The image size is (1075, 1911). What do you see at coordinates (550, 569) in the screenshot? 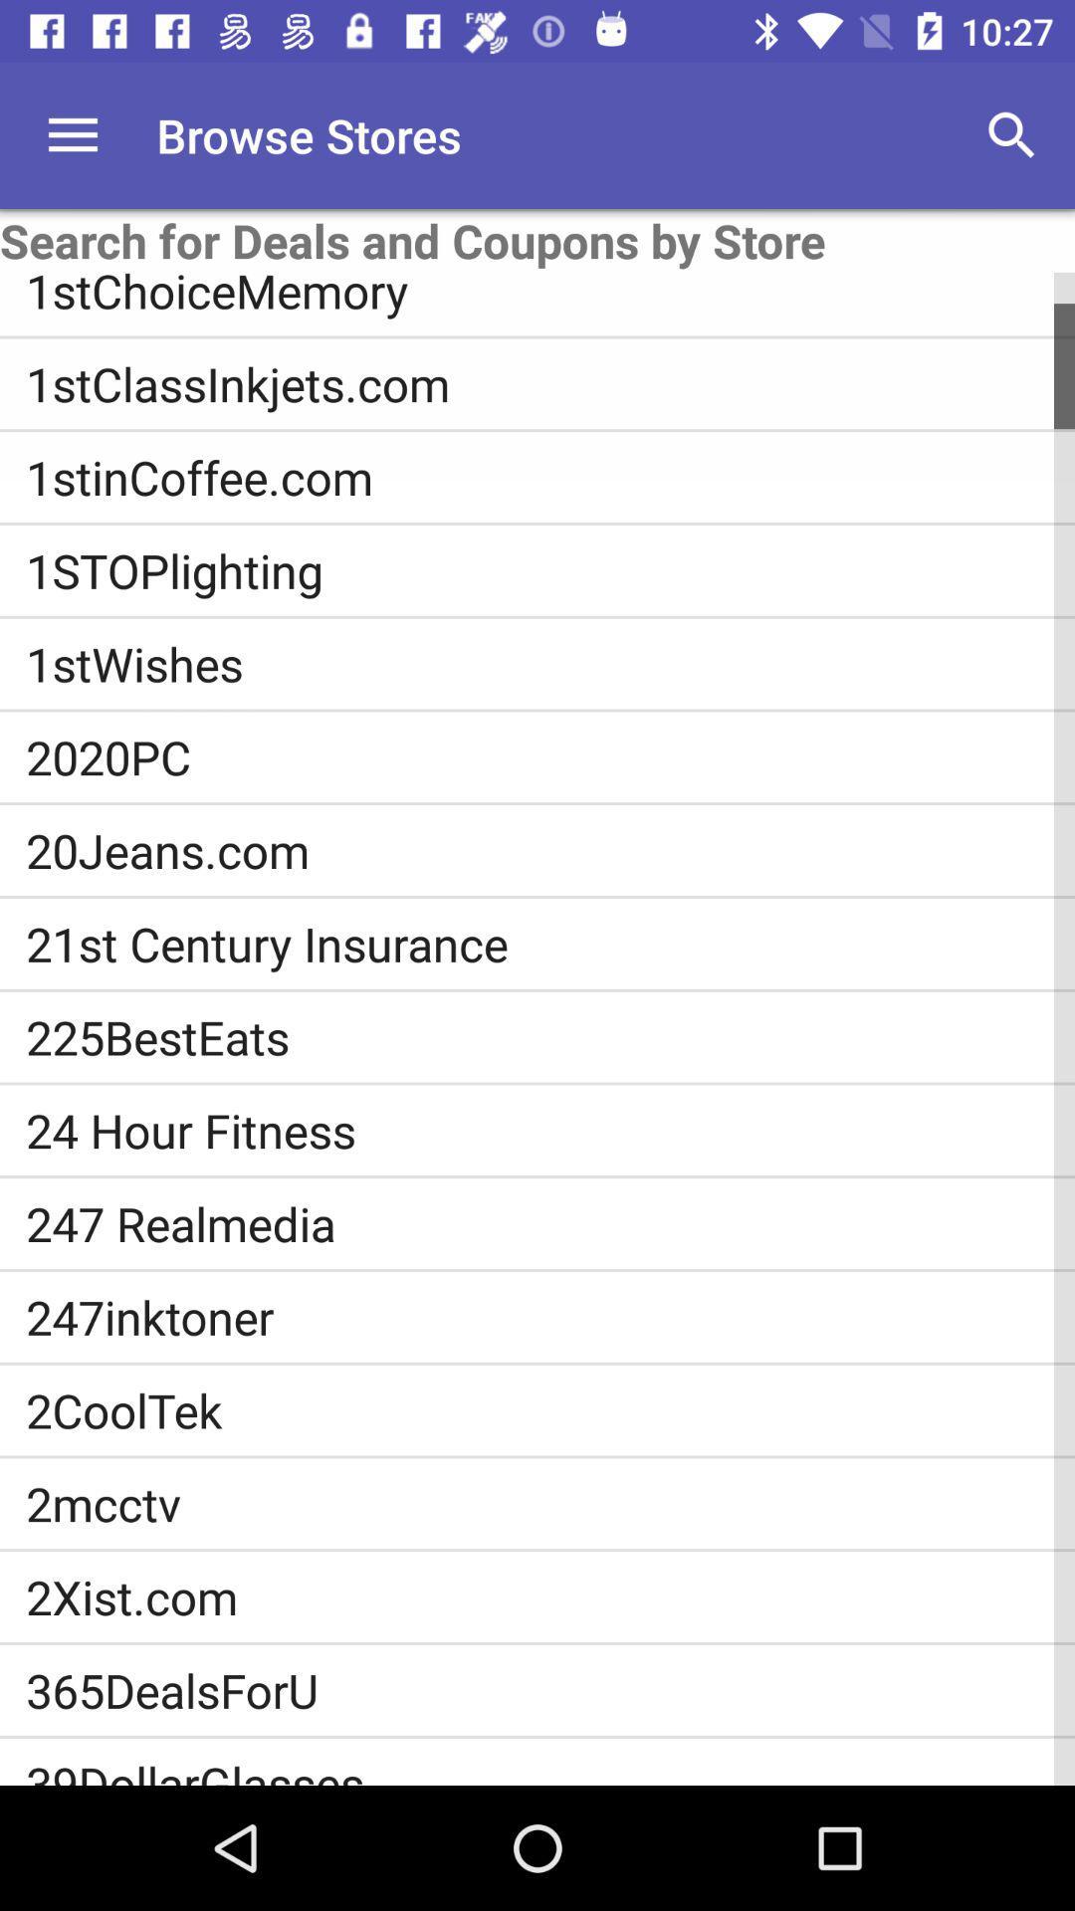
I see `1stoplighting item` at bounding box center [550, 569].